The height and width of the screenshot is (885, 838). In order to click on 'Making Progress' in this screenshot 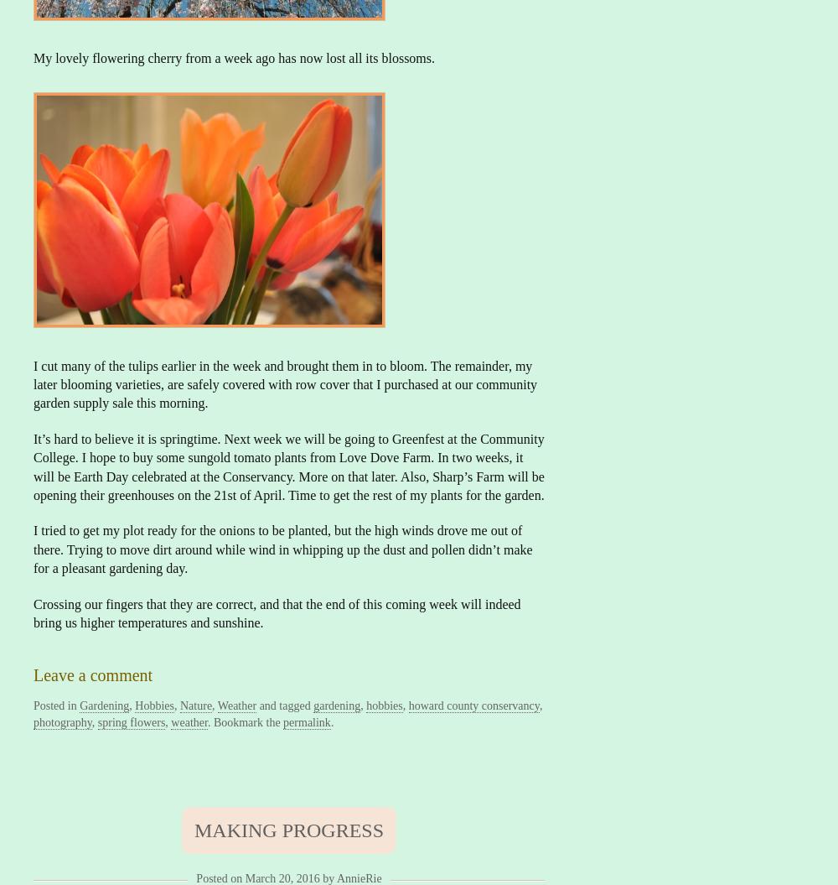, I will do `click(193, 829)`.